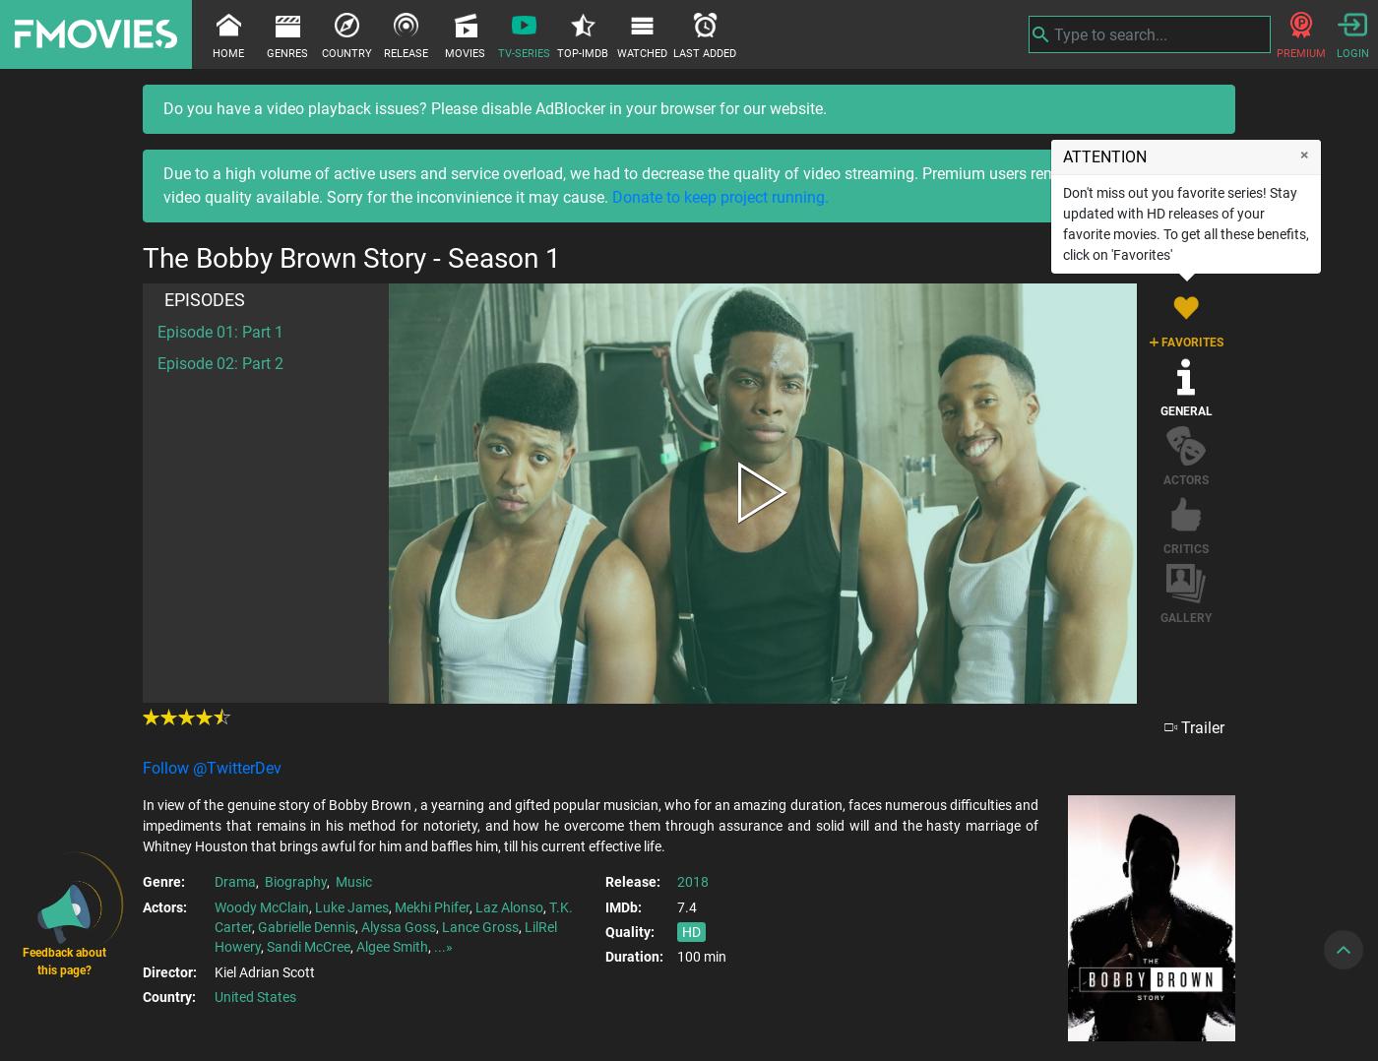 This screenshot has width=1378, height=1061. I want to click on 'Episode 01: Part 1', so click(220, 330).